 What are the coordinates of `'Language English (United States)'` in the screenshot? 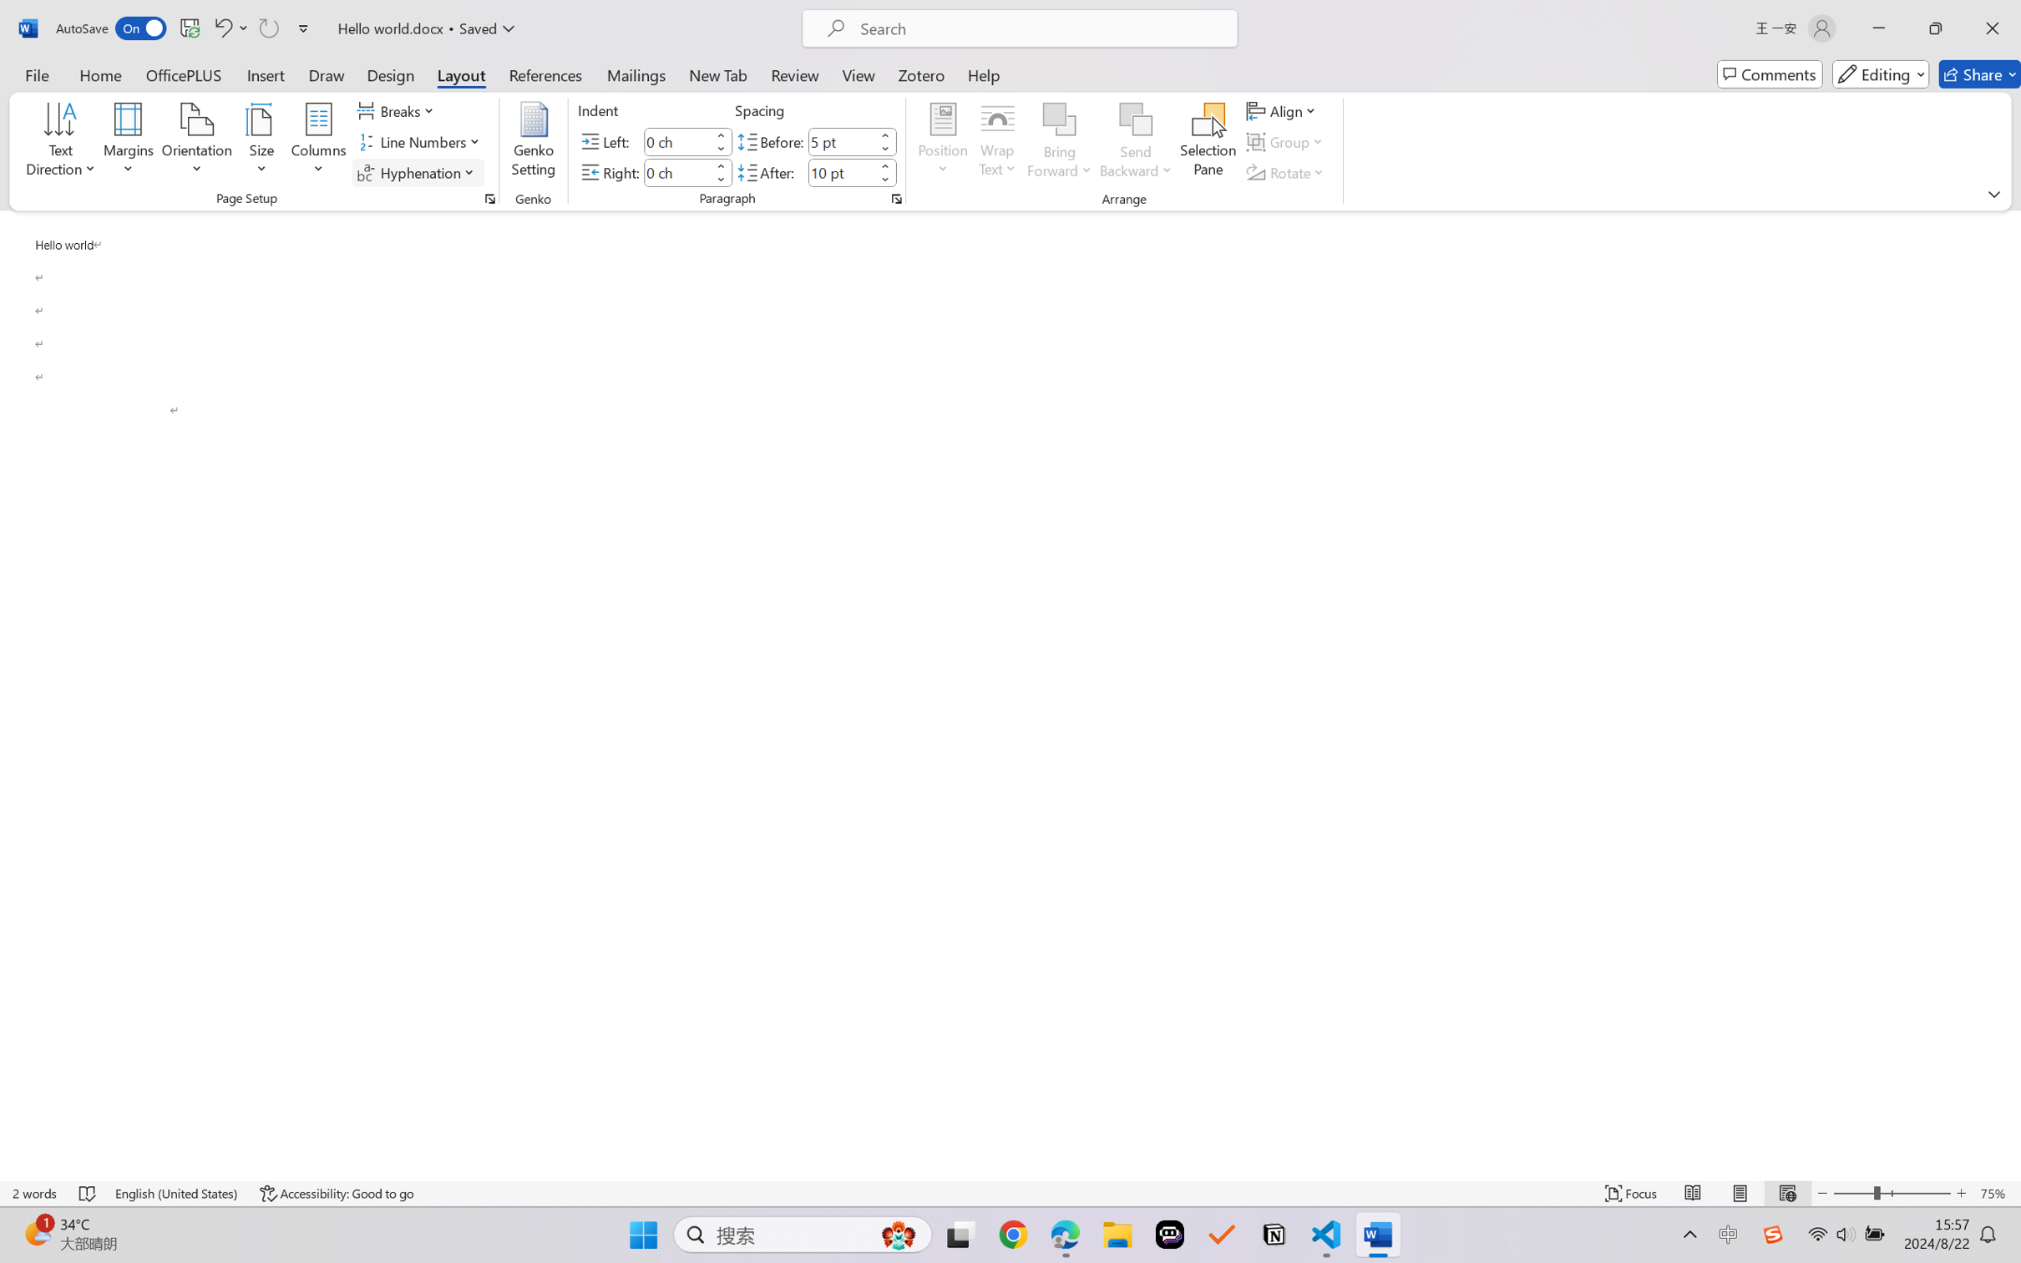 It's located at (177, 1193).